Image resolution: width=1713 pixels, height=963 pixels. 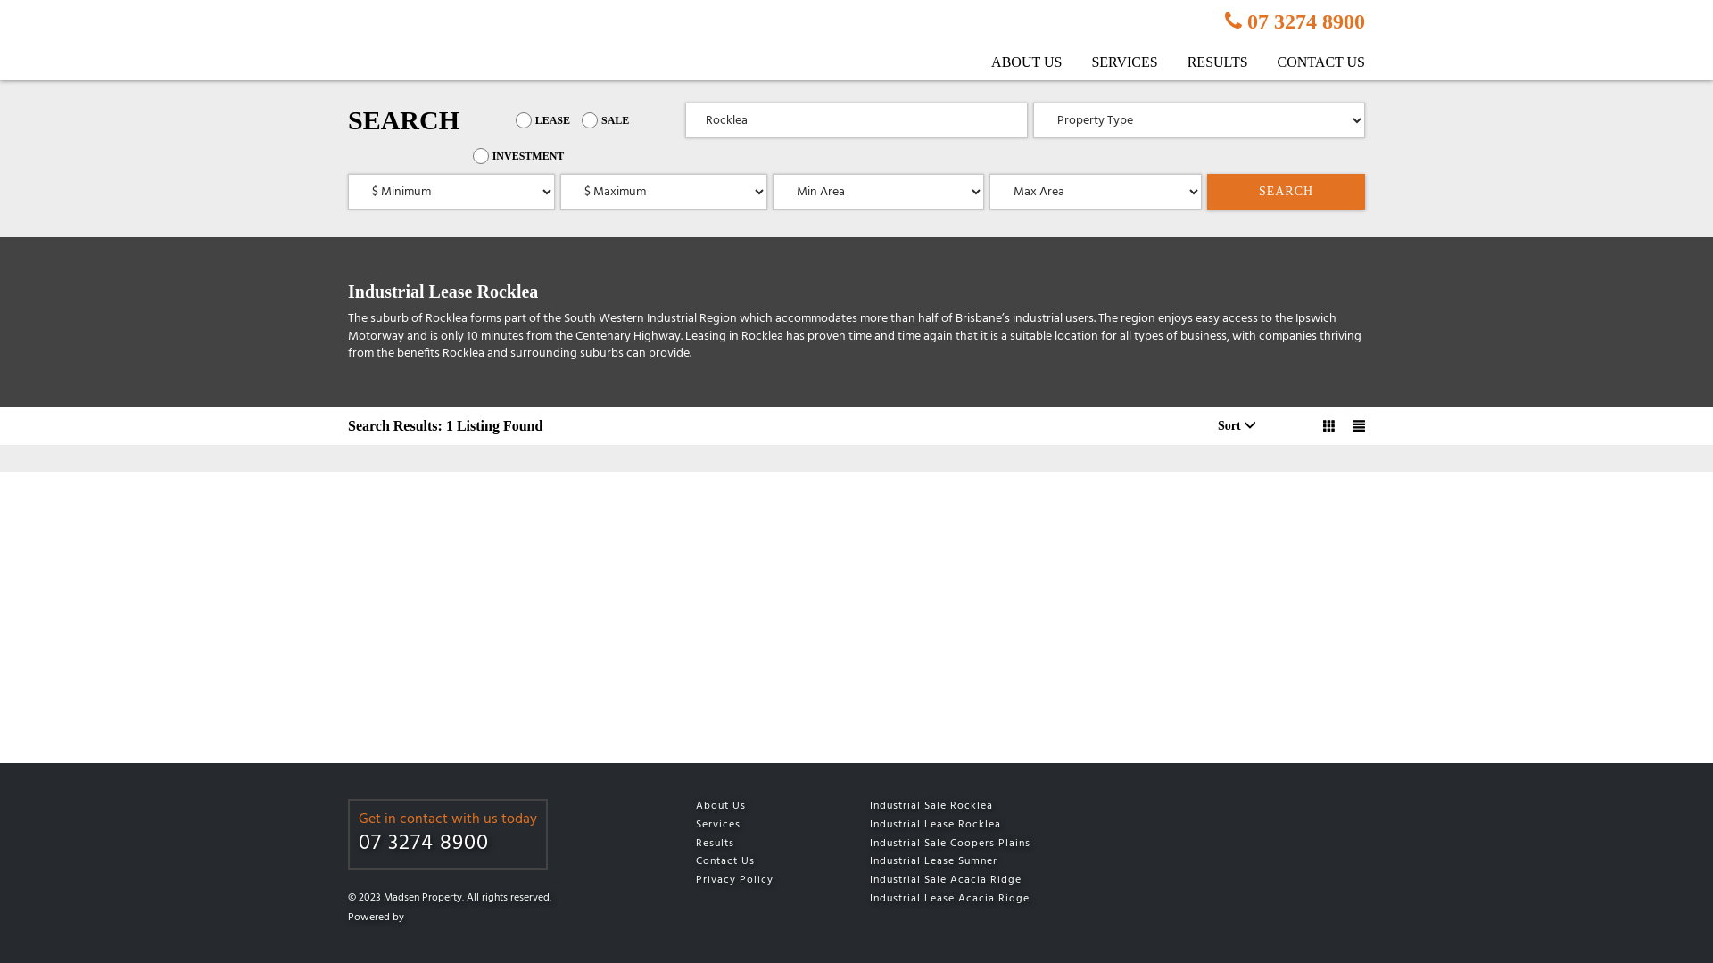 What do you see at coordinates (869, 879) in the screenshot?
I see `'Industrial Sale Acacia Ridge'` at bounding box center [869, 879].